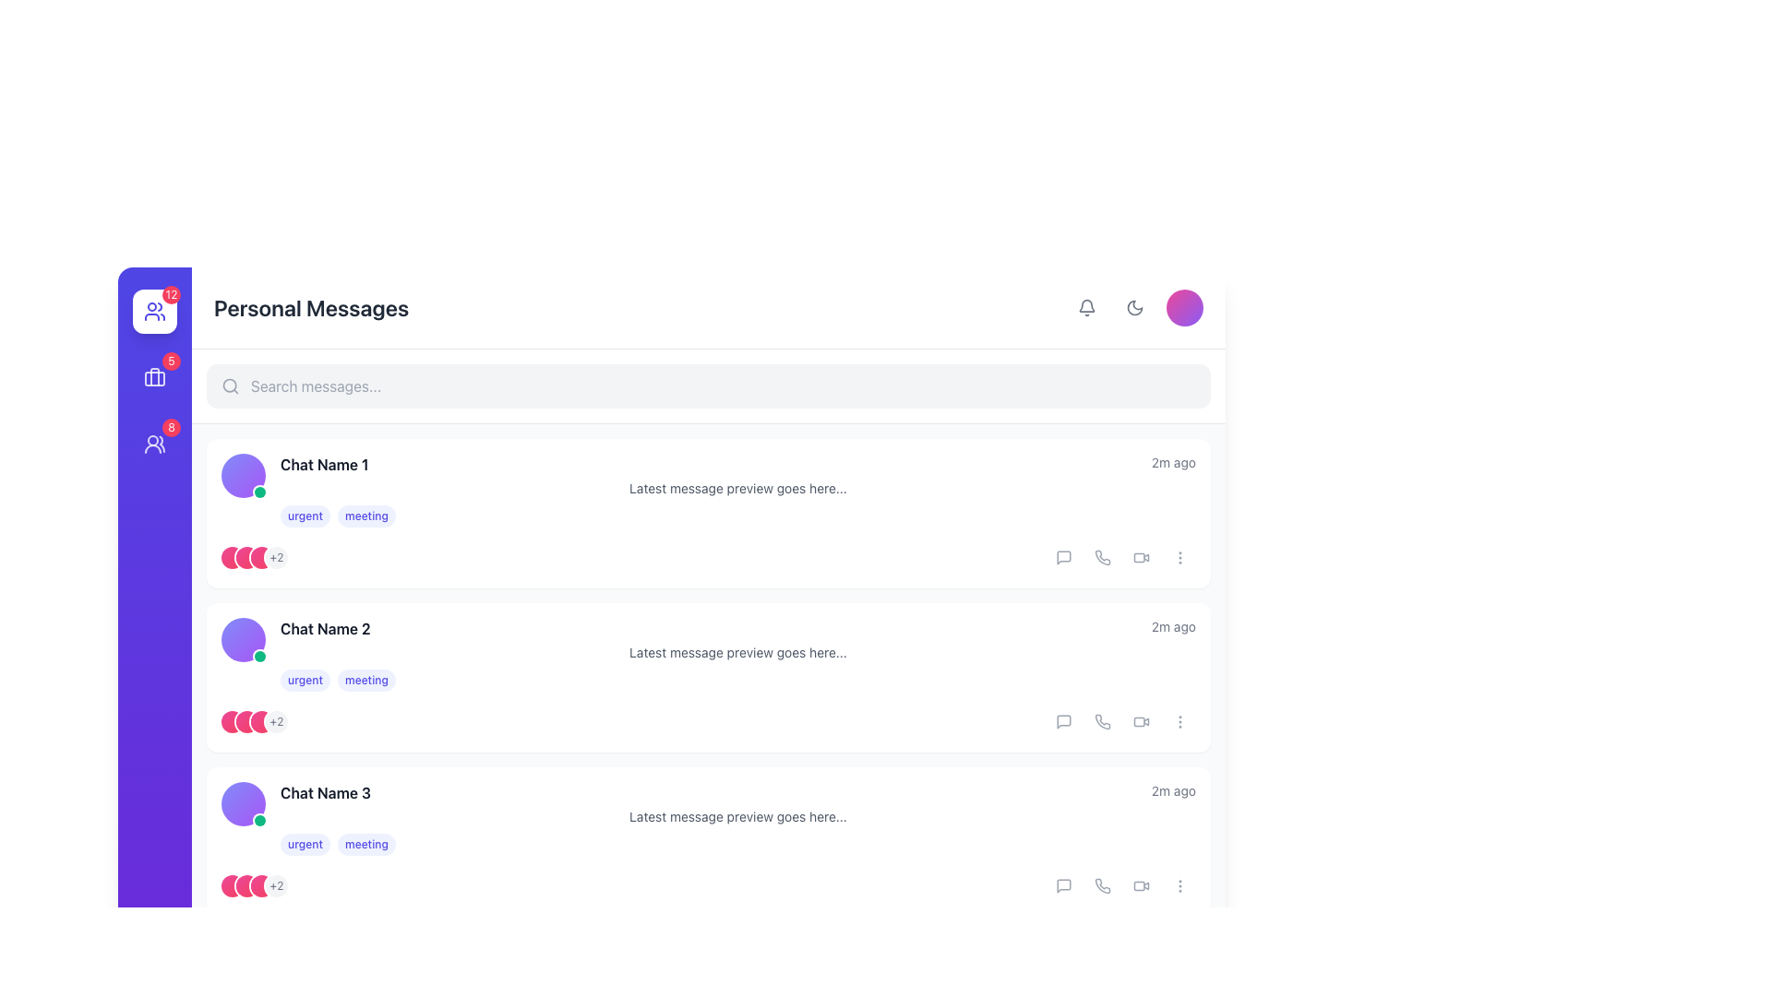  I want to click on the urgency tag associated with 'Chat Name 1' in the first chat entry, located horizontally next to the 'meeting' tag, so click(305, 516).